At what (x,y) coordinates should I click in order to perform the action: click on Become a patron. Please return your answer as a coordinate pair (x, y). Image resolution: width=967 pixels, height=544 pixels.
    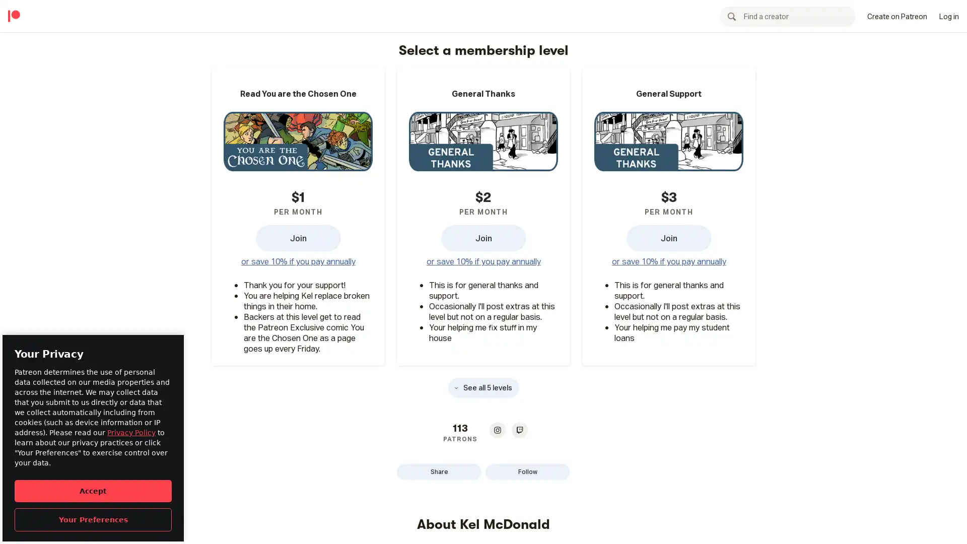
    Looking at the image, I should click on (725, 15).